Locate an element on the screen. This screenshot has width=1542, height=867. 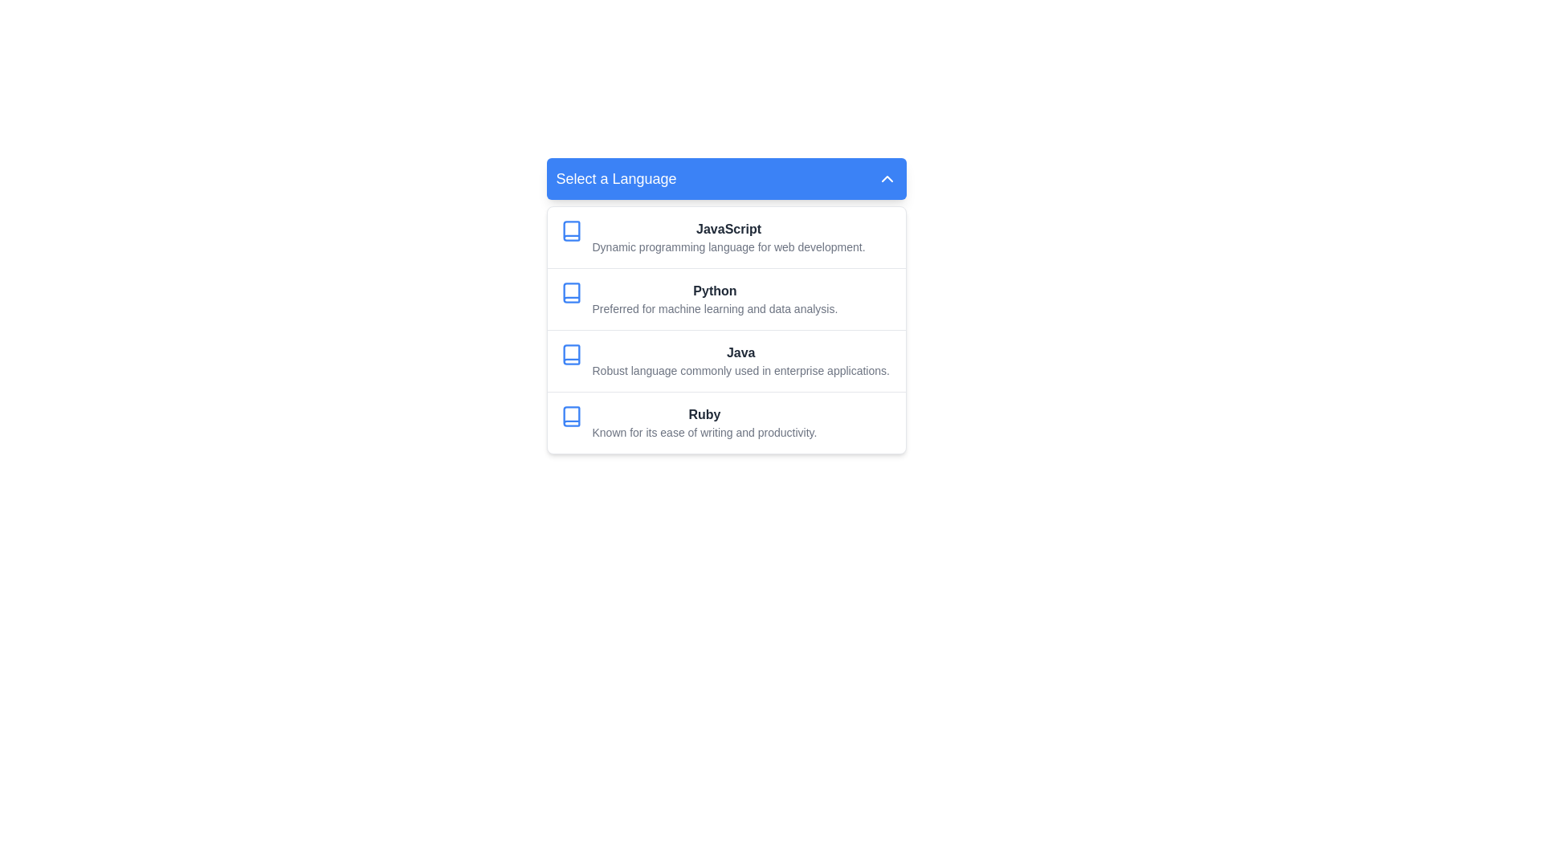
the second list item displaying 'Python' and its description is located at coordinates (725, 299).